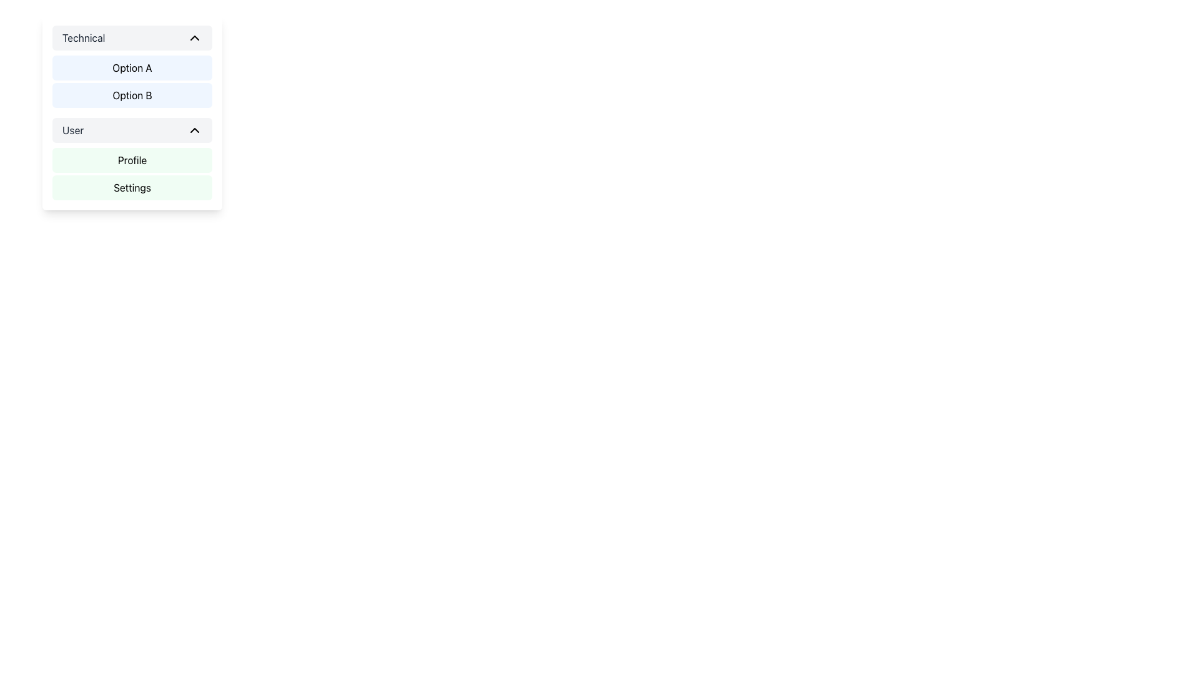  I want to click on the 'Technical' section of the Dropdown menu, so click(132, 113).